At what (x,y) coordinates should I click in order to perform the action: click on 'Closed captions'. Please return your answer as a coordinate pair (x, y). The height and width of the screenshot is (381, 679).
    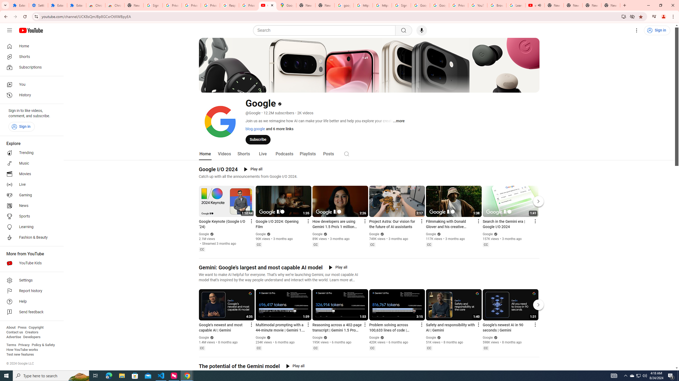
    Looking at the image, I should click on (485, 348).